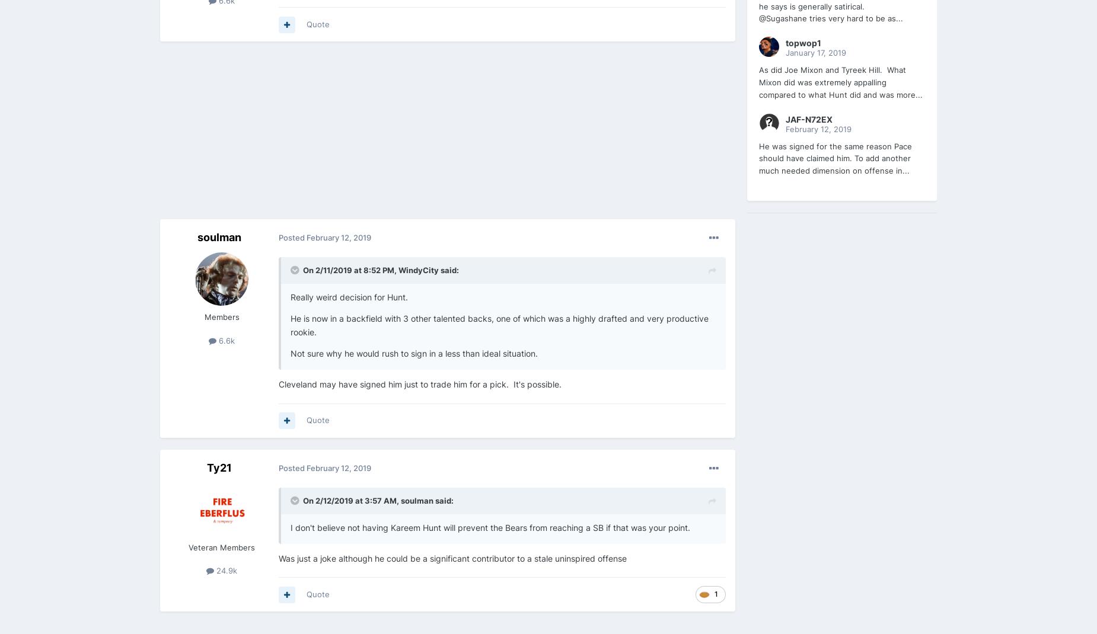 This screenshot has width=1097, height=634. I want to click on 'topwop1', so click(802, 42).